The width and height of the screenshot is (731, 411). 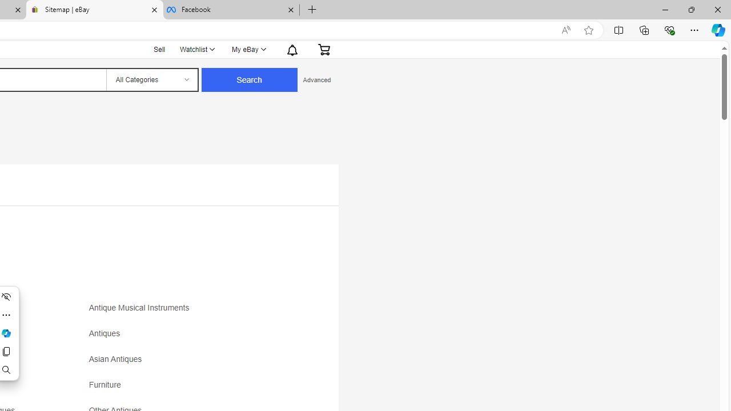 I want to click on 'Sitemap | eBay', so click(x=95, y=10).